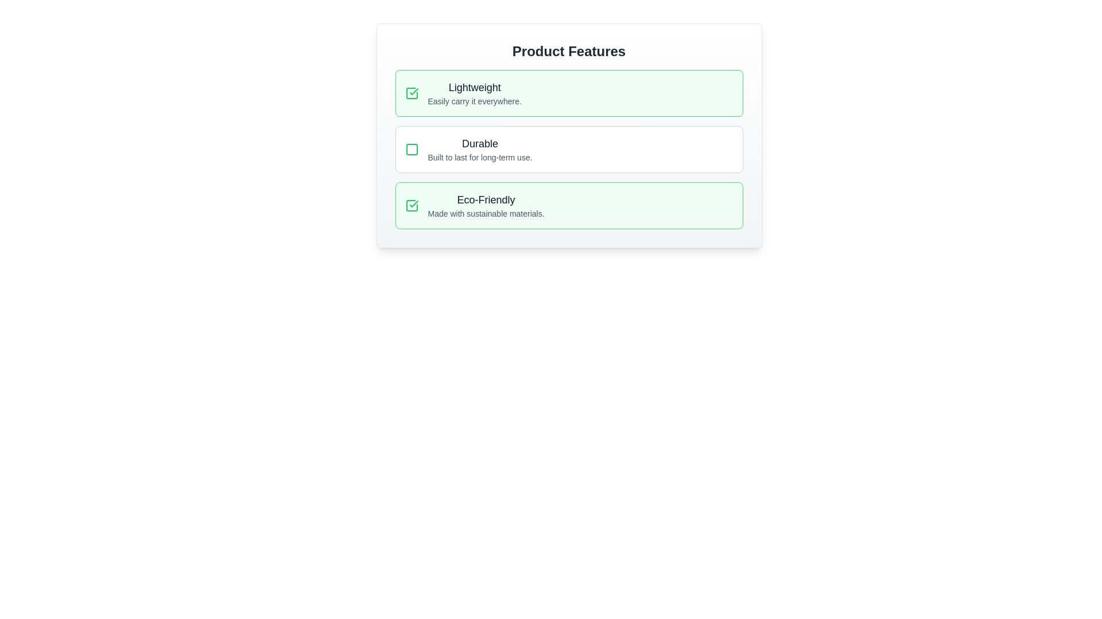 The image size is (1102, 619). What do you see at coordinates (569, 92) in the screenshot?
I see `the Informative card that highlights the product feature of being lightweight and easy to carry, located at the top of the vertical list of features` at bounding box center [569, 92].